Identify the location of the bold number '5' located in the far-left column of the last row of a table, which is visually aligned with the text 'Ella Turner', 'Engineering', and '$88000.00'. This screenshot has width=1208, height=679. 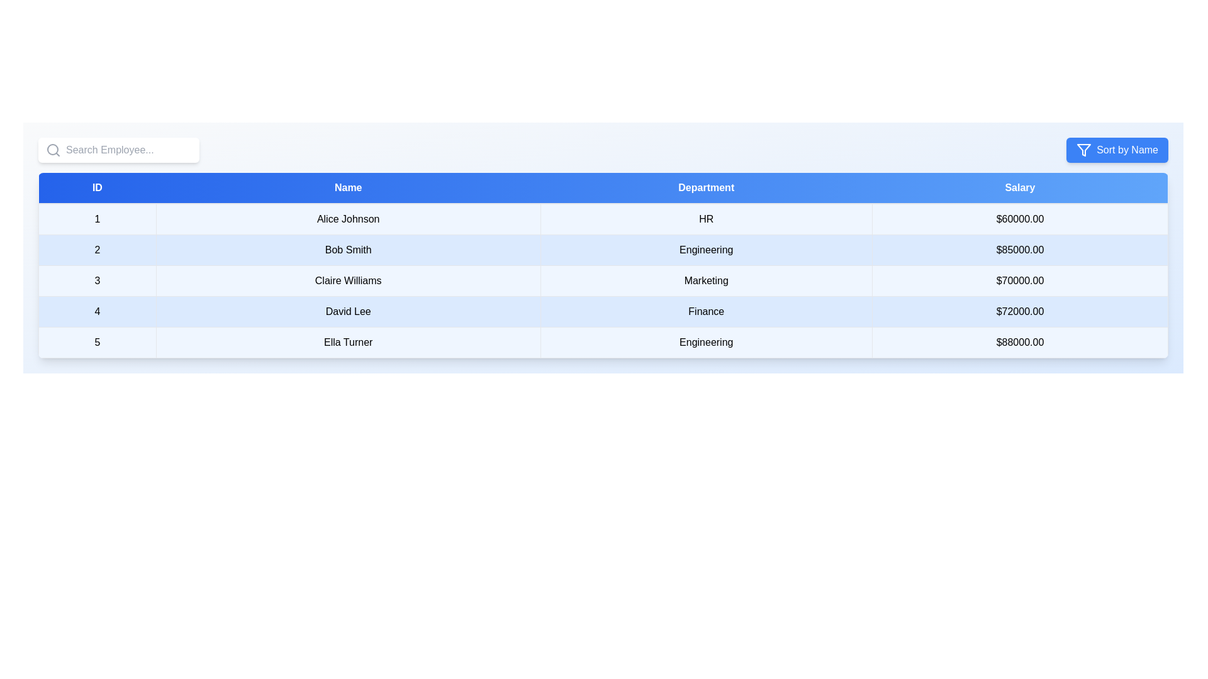
(96, 342).